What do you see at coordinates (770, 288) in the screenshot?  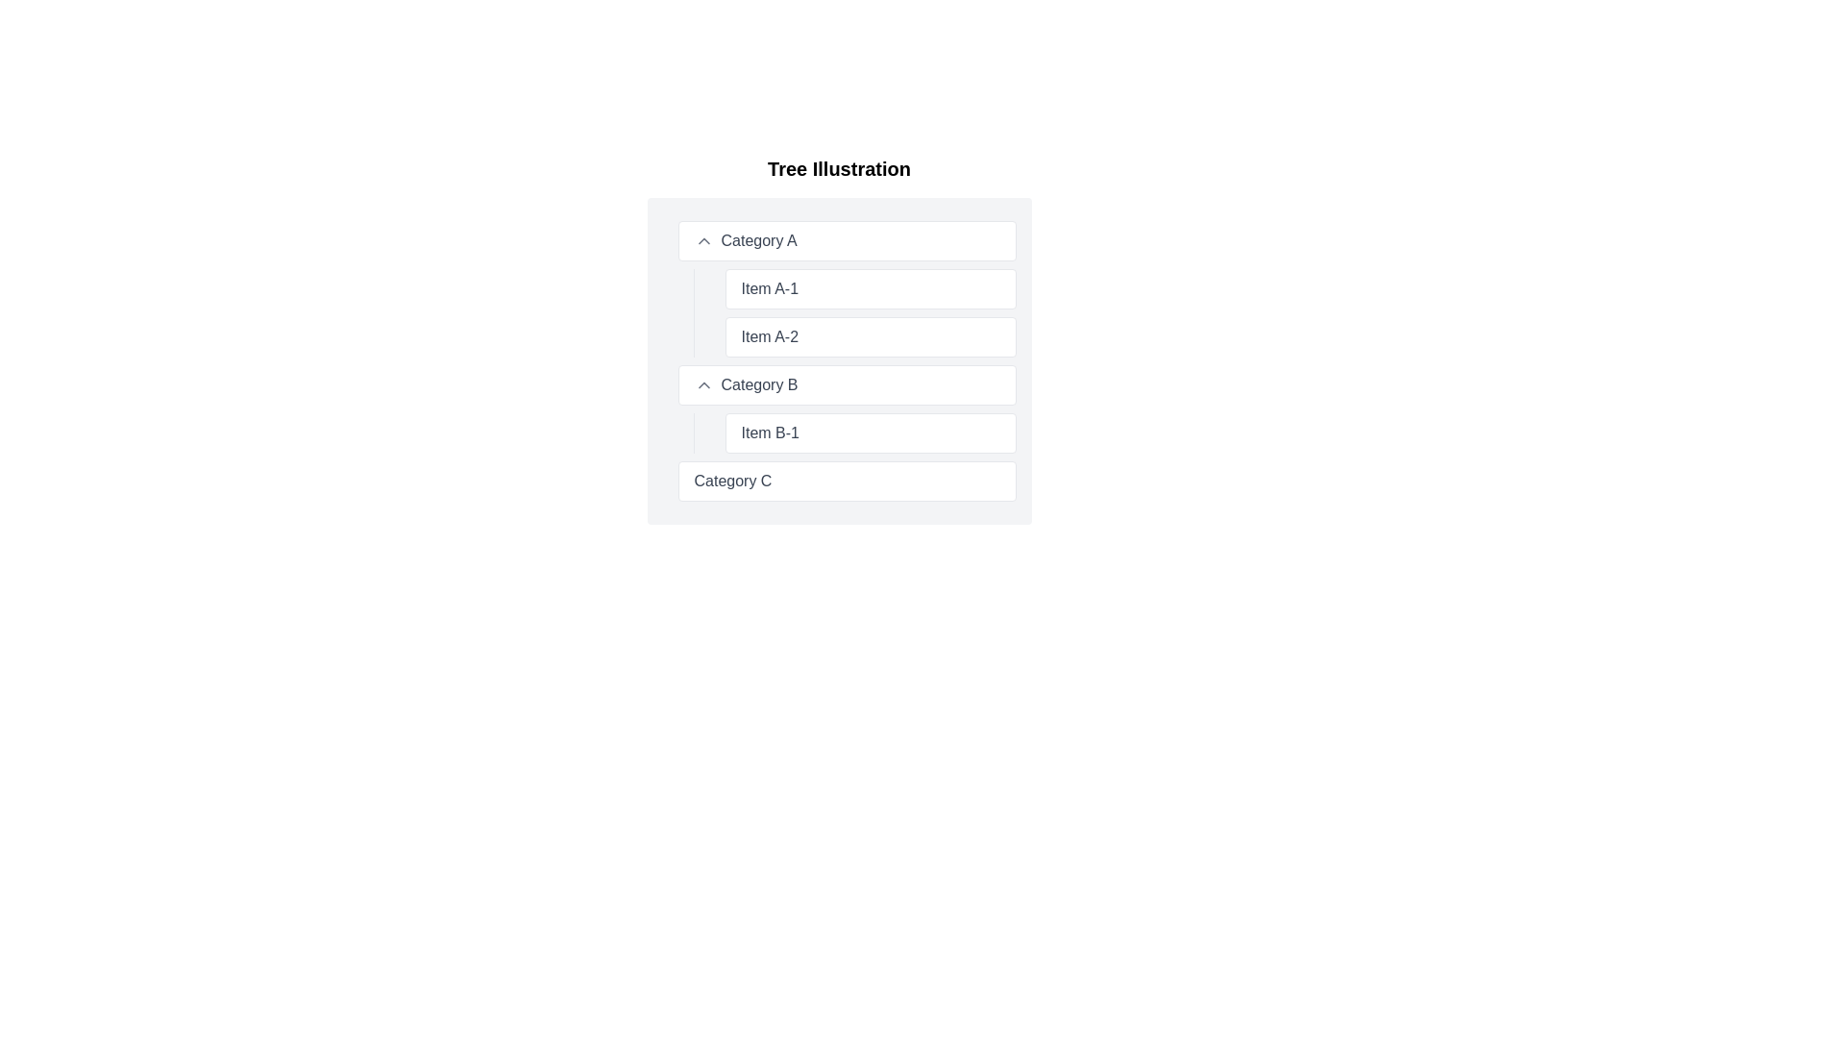 I see `text content of the static label 'Item A-1', which is styled with a medium font weight and gray color, positioned under 'Category A' in the tree structure` at bounding box center [770, 288].